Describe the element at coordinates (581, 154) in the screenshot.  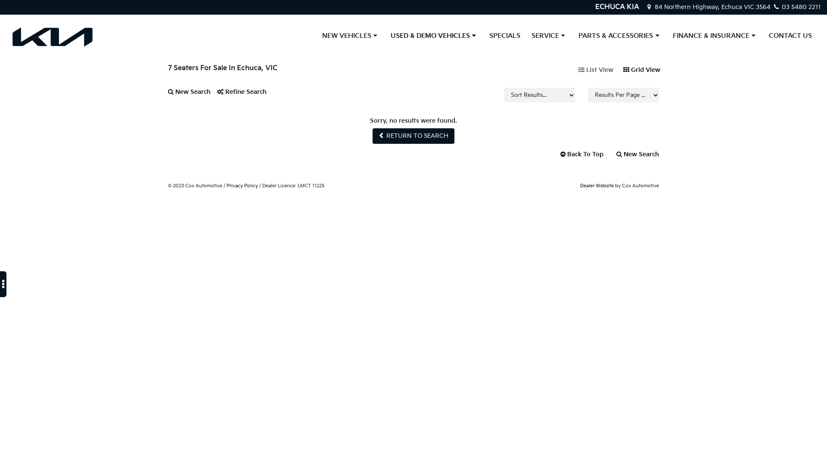
I see `'Back To Top'` at that location.